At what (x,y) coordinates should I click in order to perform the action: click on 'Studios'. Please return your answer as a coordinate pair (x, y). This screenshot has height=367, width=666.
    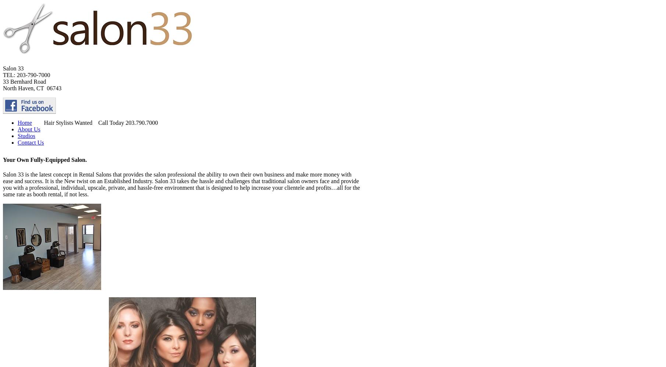
    Looking at the image, I should click on (17, 135).